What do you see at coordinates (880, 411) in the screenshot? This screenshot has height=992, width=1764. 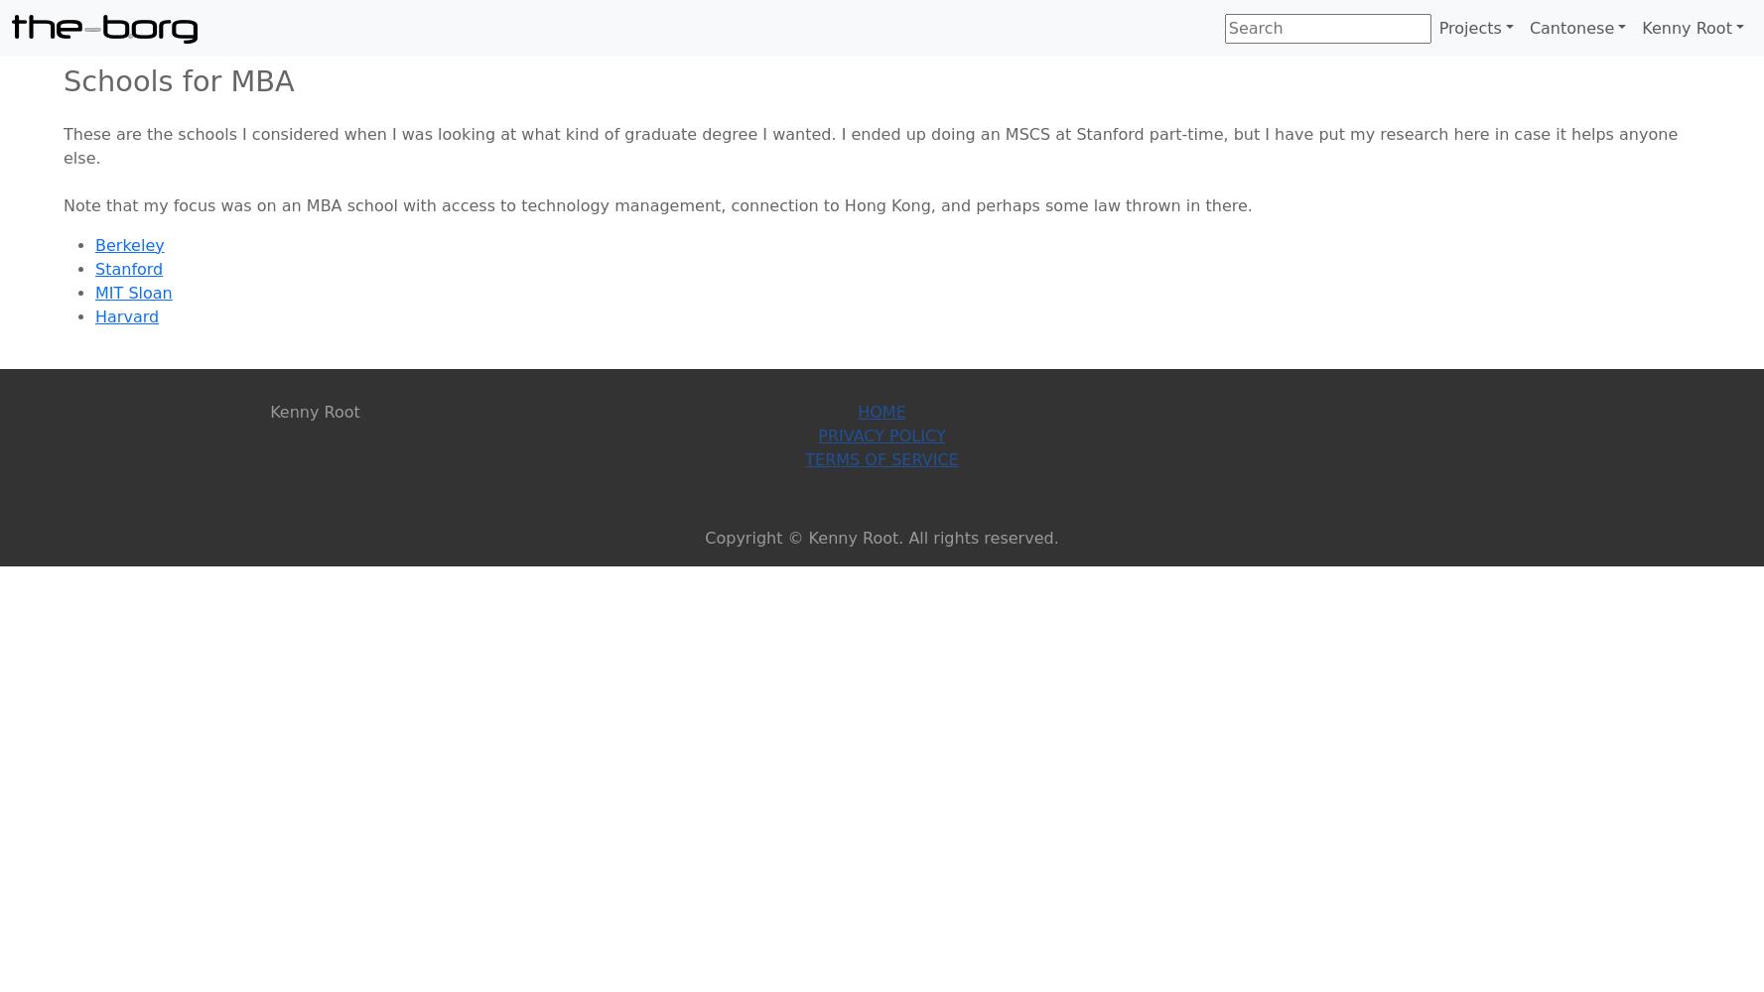 I see `'Home'` at bounding box center [880, 411].